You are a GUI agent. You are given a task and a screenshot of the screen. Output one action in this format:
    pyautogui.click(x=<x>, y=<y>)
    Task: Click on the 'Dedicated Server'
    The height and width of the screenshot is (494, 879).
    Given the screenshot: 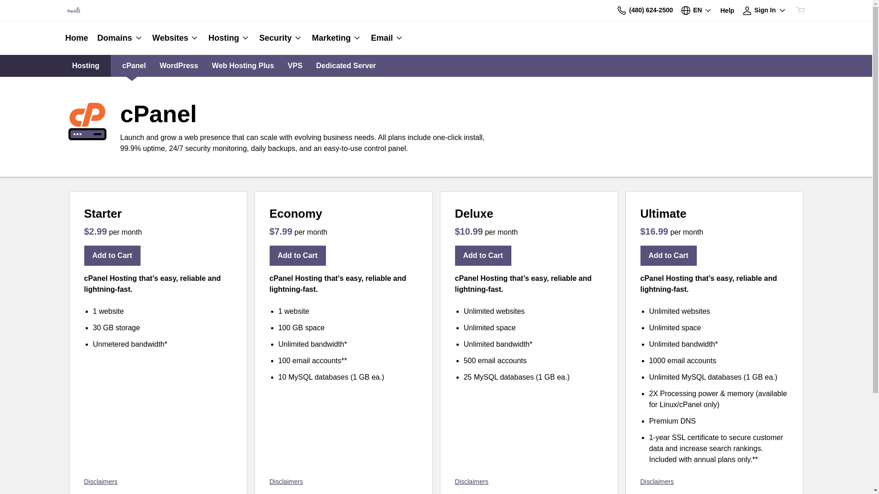 What is the action you would take?
    pyautogui.click(x=346, y=65)
    